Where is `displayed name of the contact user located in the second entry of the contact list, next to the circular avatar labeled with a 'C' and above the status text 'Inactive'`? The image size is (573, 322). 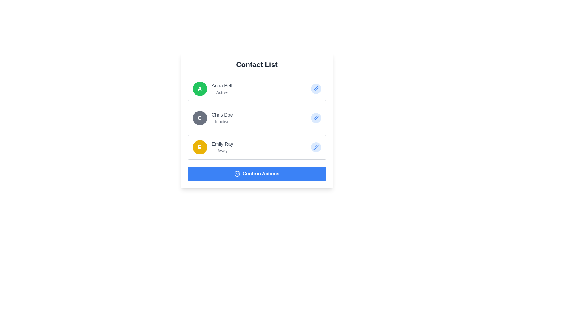
displayed name of the contact user located in the second entry of the contact list, next to the circular avatar labeled with a 'C' and above the status text 'Inactive' is located at coordinates (222, 115).